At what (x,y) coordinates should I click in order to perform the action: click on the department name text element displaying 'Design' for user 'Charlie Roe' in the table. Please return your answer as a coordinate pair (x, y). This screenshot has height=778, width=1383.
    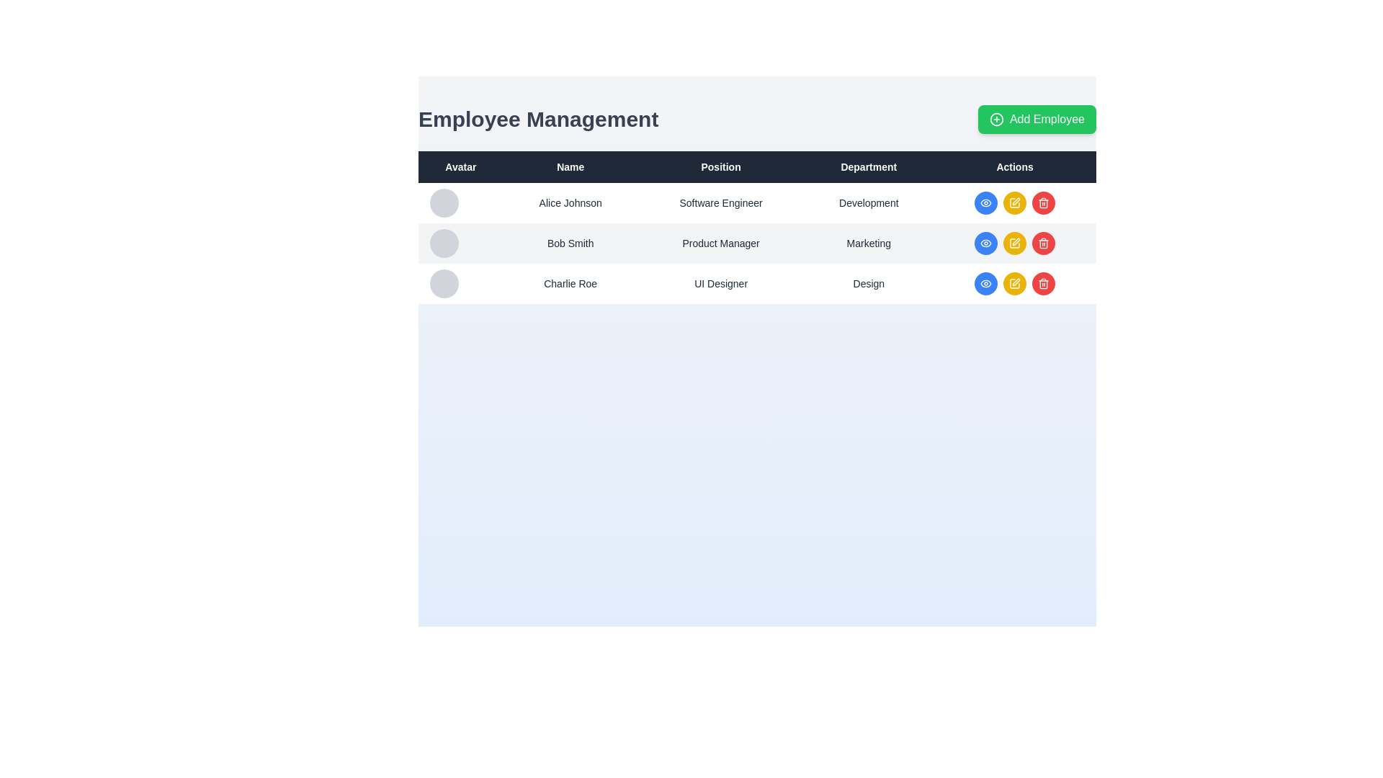
    Looking at the image, I should click on (868, 283).